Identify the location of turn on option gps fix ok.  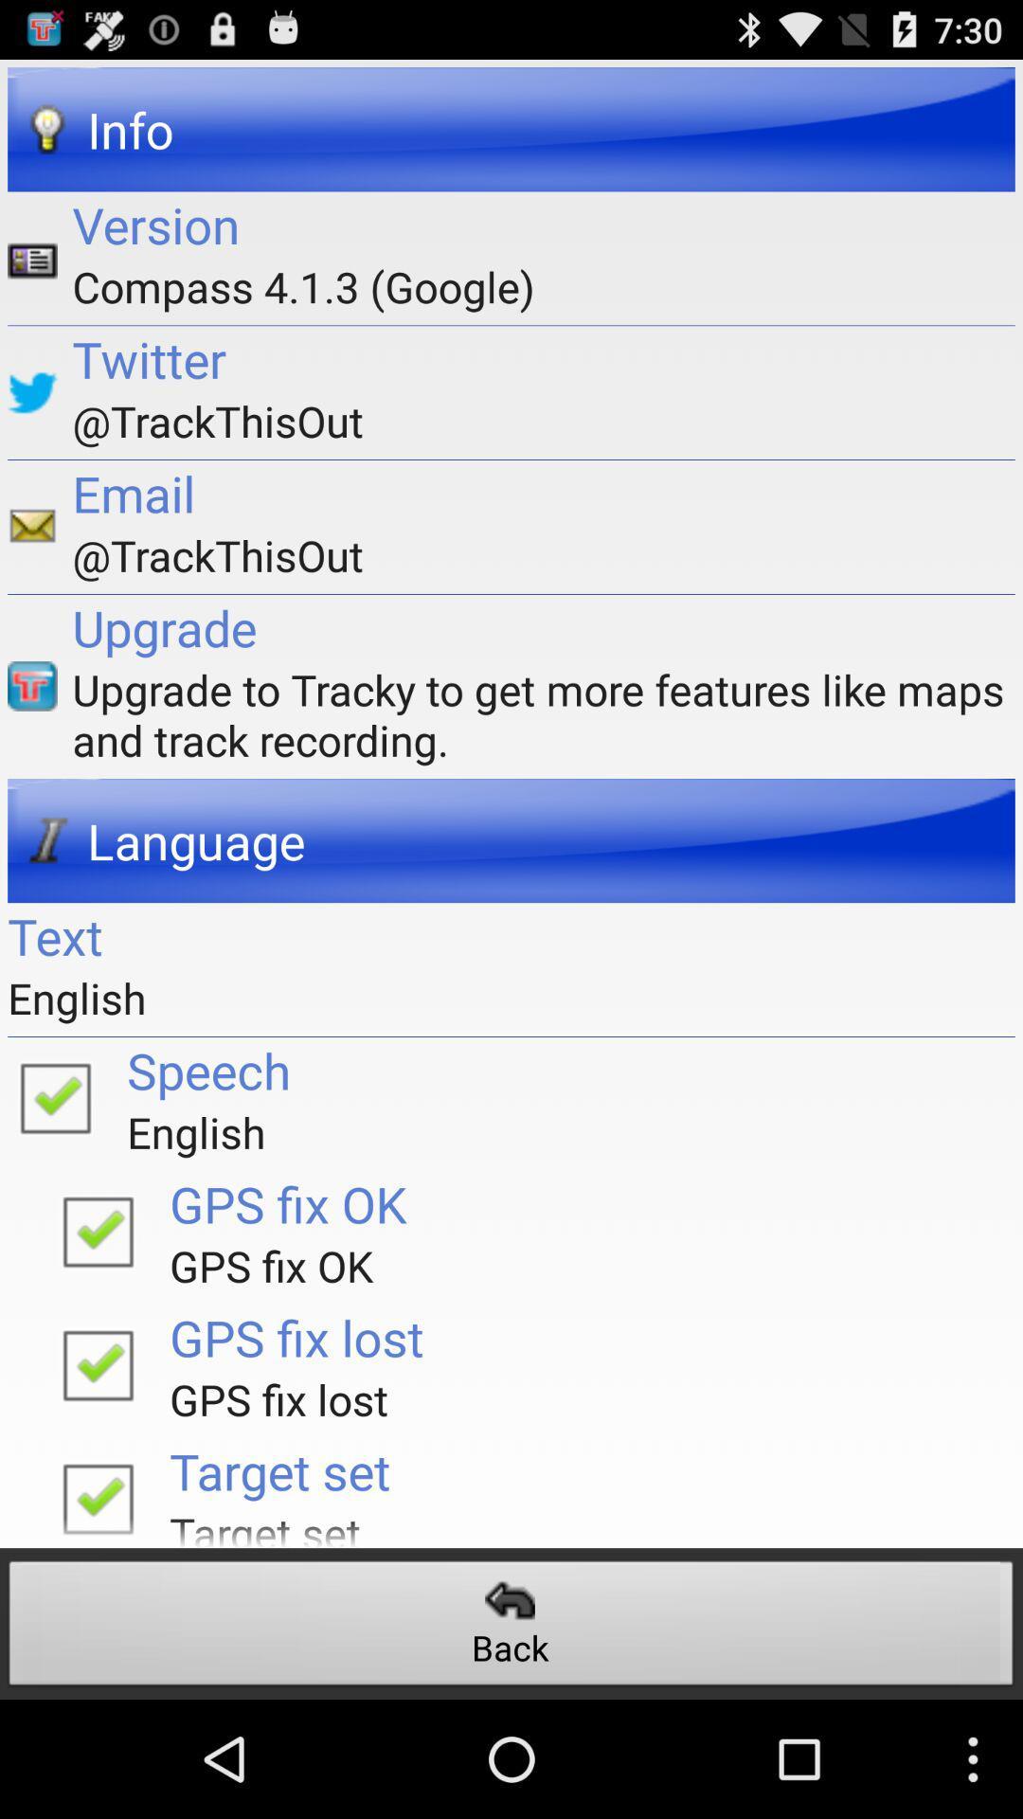
(98, 1231).